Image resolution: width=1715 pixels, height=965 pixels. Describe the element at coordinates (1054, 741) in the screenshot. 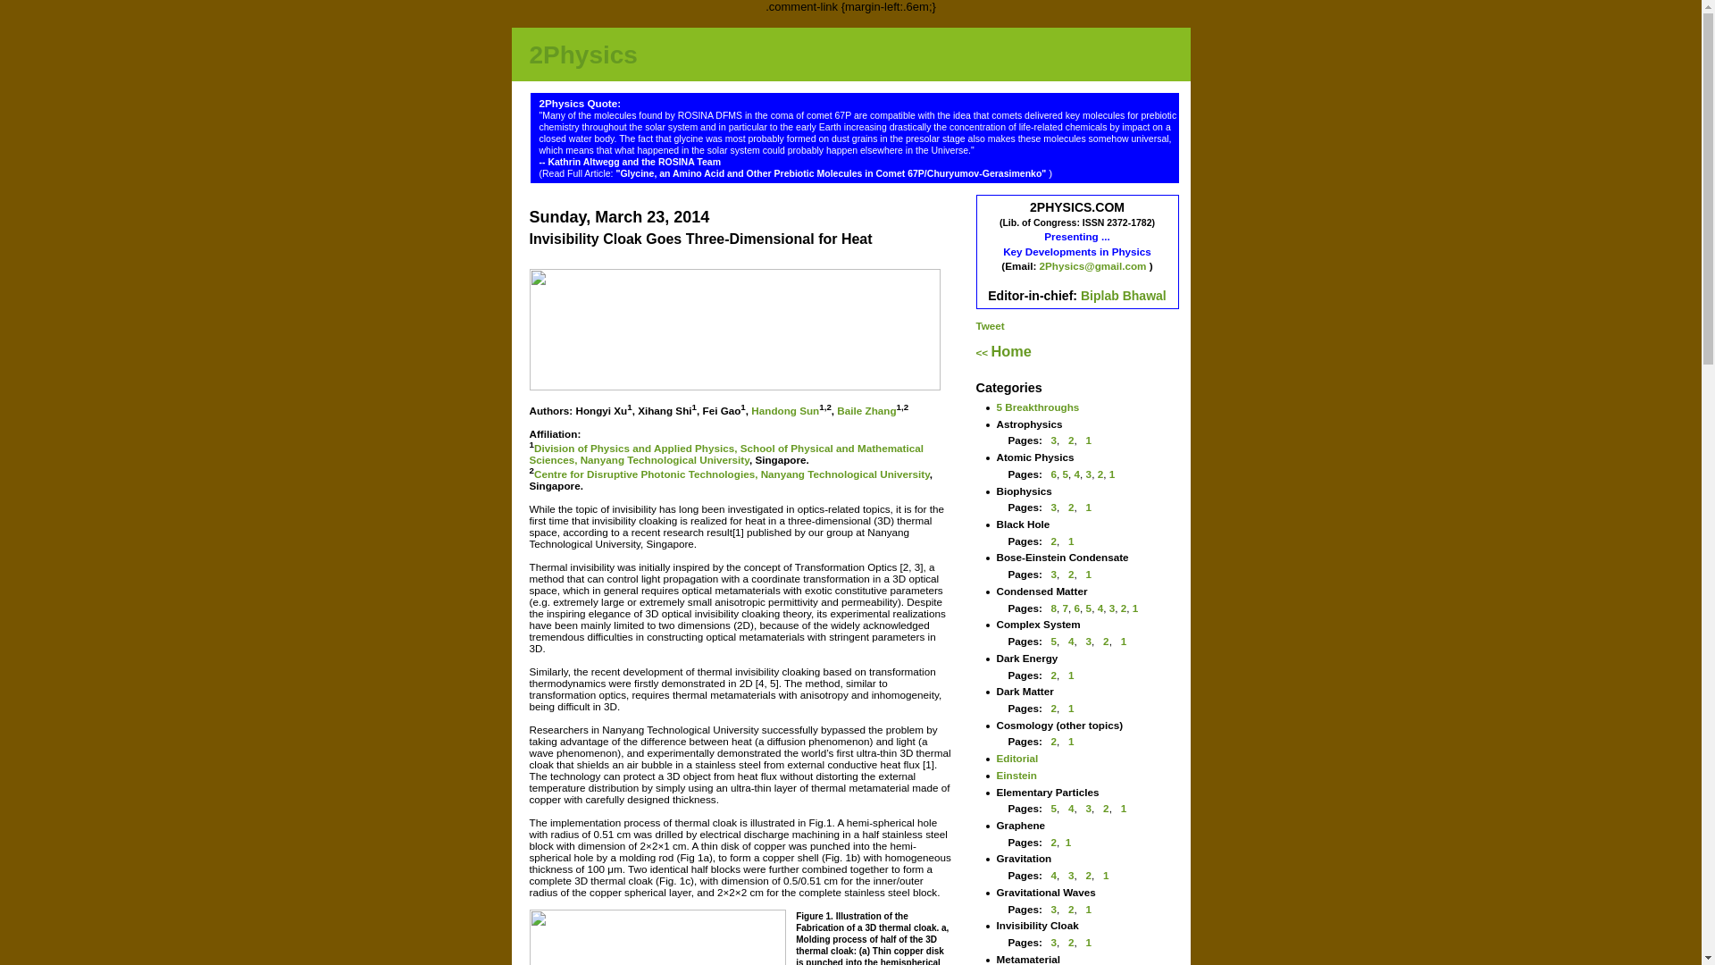

I see `'2'` at that location.